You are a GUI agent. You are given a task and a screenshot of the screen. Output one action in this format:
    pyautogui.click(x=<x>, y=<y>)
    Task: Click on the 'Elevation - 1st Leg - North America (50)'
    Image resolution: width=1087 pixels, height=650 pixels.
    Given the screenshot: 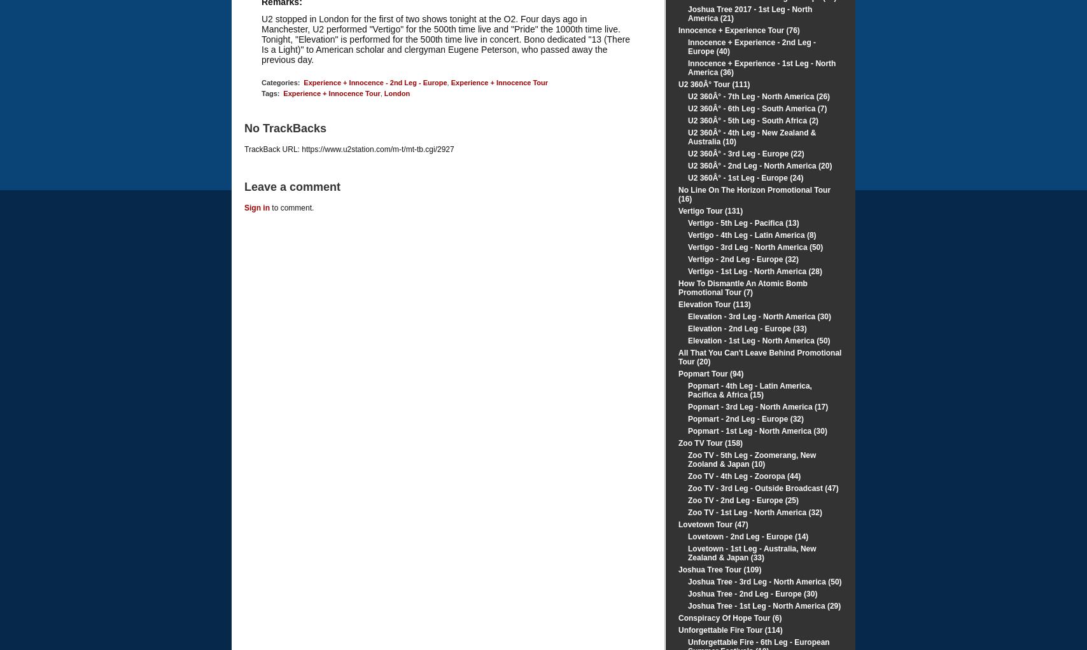 What is the action you would take?
    pyautogui.click(x=759, y=340)
    